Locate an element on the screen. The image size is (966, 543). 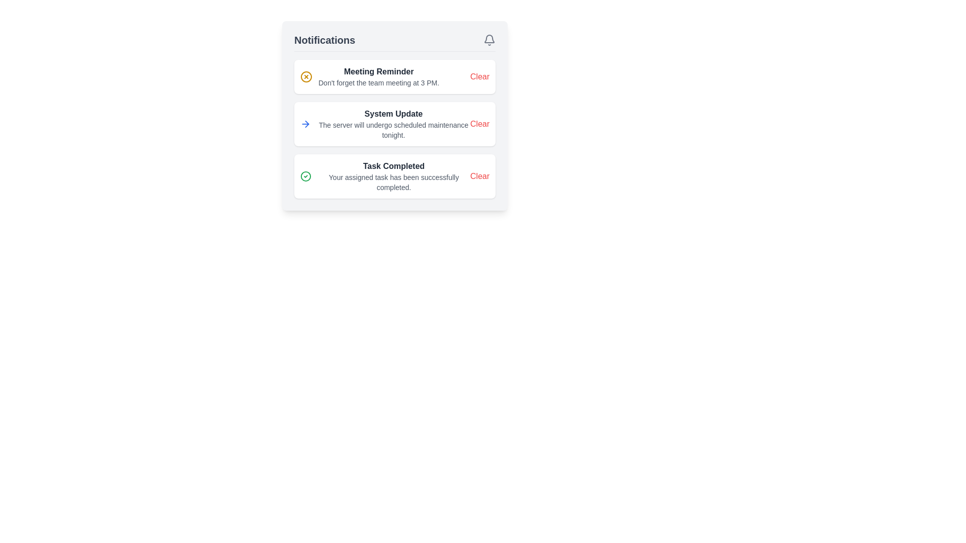
the text label displaying 'Task Completed' in bold, dark gray font, located at the top of the notification card is located at coordinates (393, 166).